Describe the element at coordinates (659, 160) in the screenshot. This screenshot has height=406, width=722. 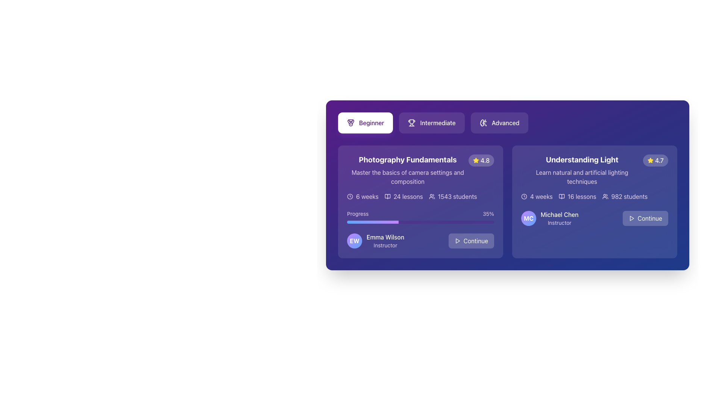
I see `the text label displaying the rating score for the associated course or item, which is positioned to the right of a yellow star icon in the top-right corner of the 'Understanding Light' card` at that location.